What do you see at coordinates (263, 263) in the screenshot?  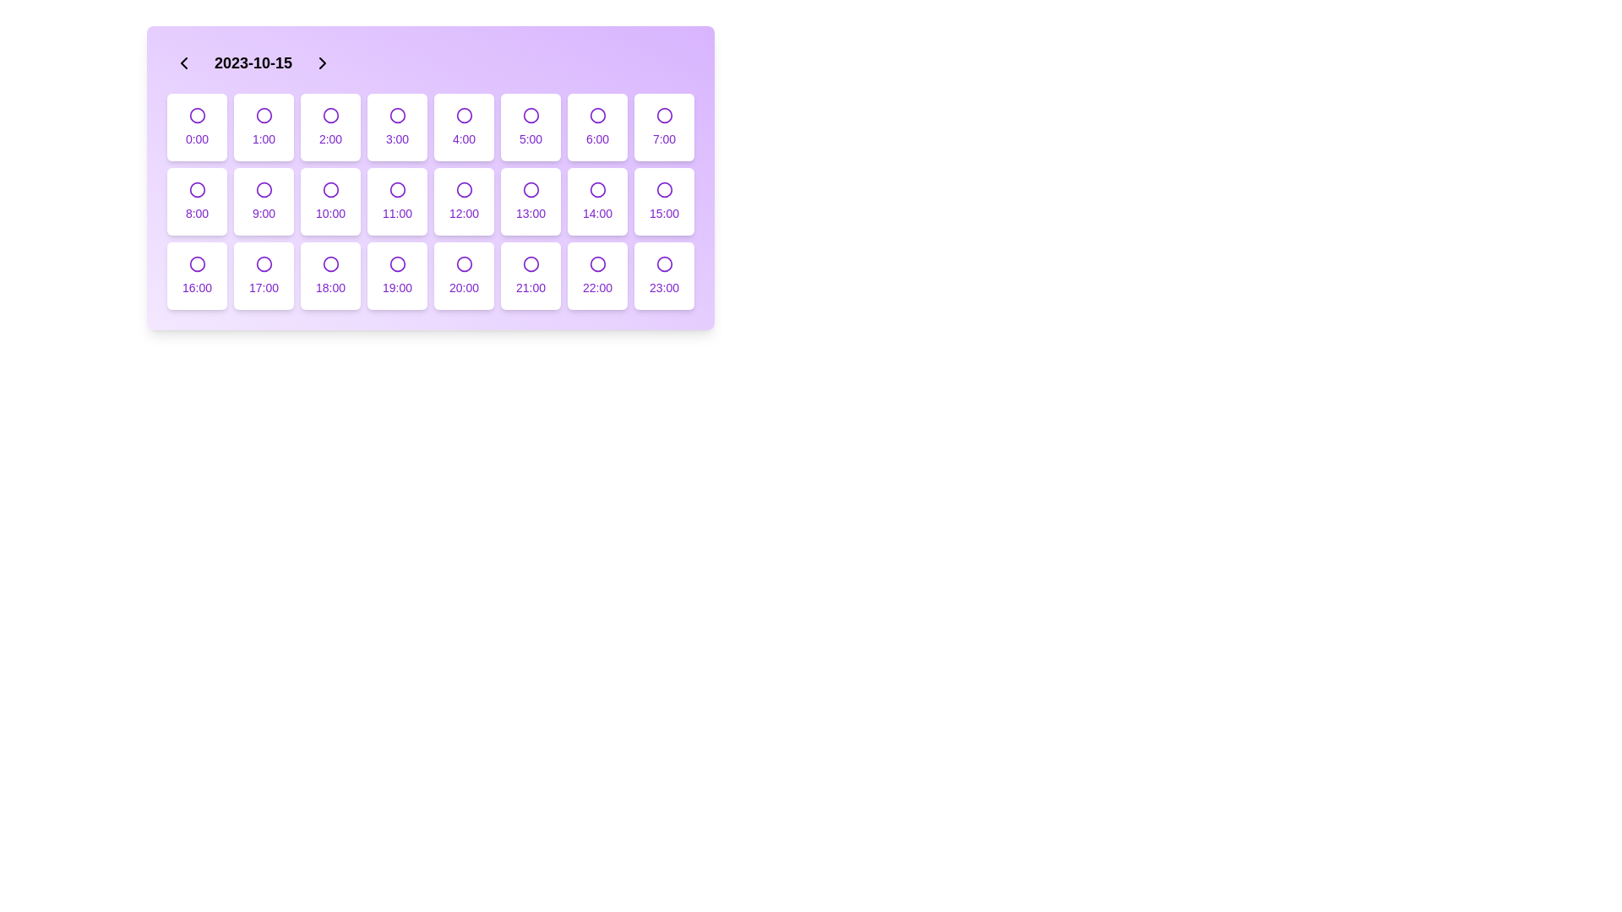 I see `the circular icon with a purple border located in the grid cell labeled '17:00'` at bounding box center [263, 263].